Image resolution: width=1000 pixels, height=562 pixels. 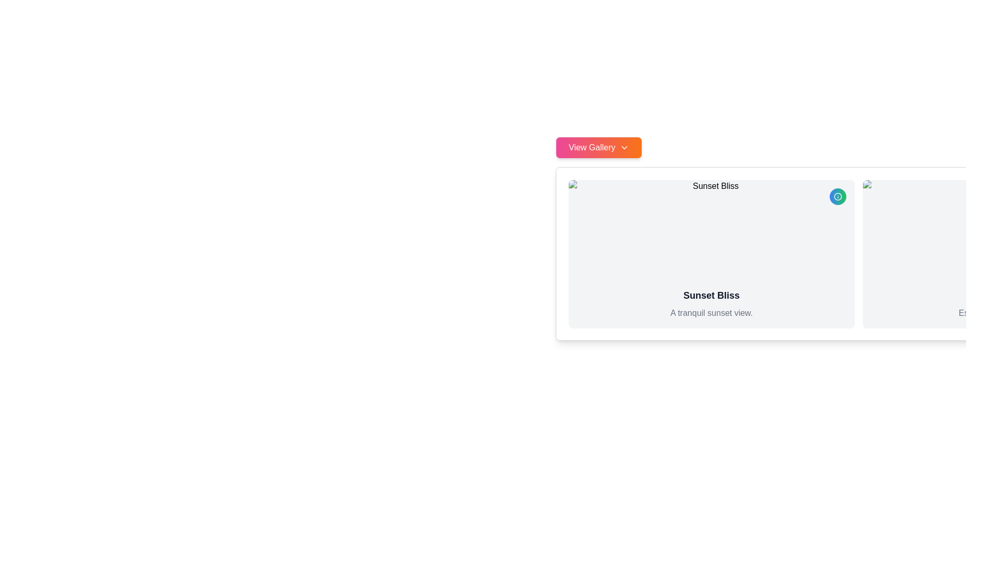 What do you see at coordinates (711, 303) in the screenshot?
I see `text content of the text display region containing the title 'Sunset Bliss' and the subtitle 'A tranquil sunset view.'` at bounding box center [711, 303].